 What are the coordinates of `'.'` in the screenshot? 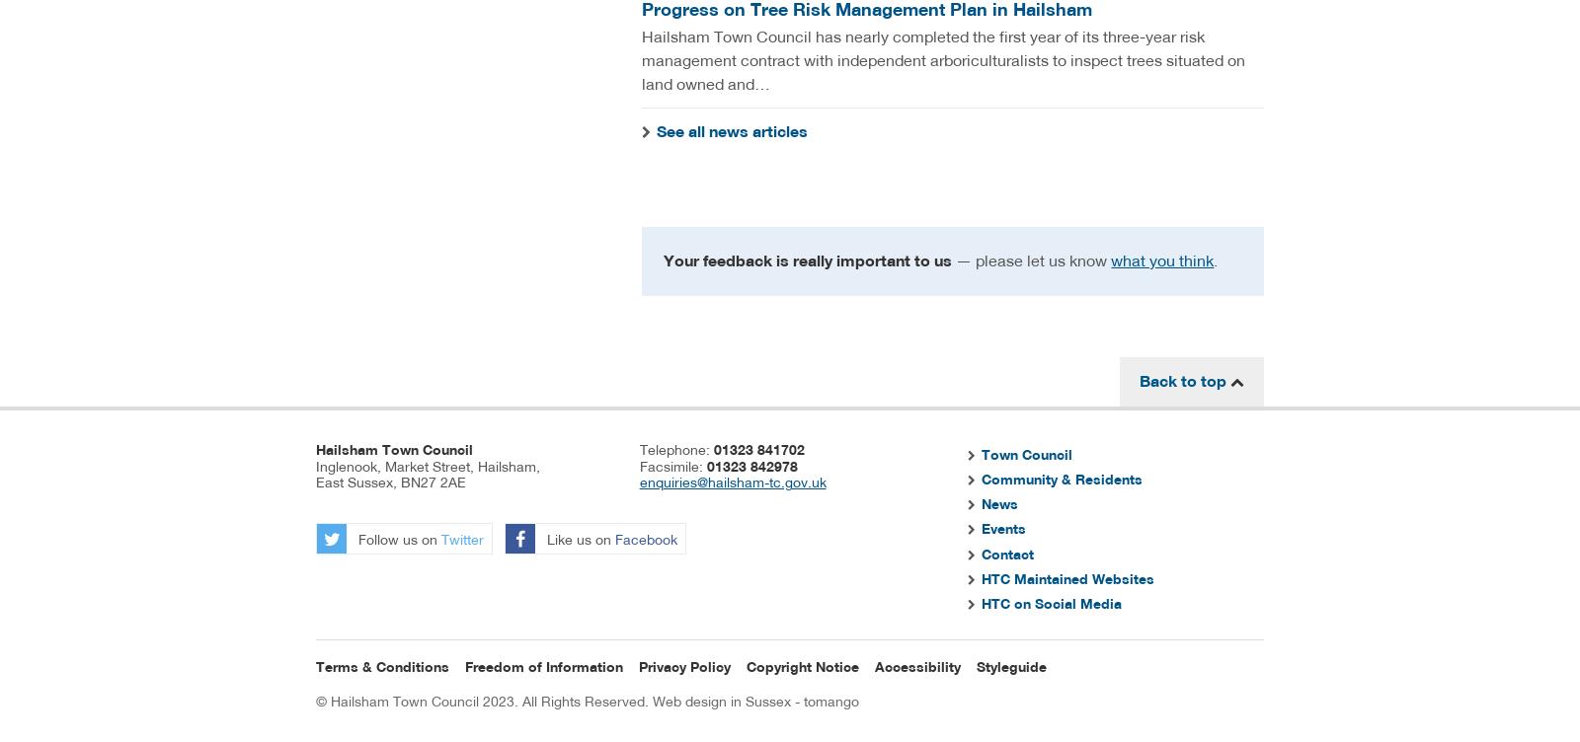 It's located at (1215, 260).